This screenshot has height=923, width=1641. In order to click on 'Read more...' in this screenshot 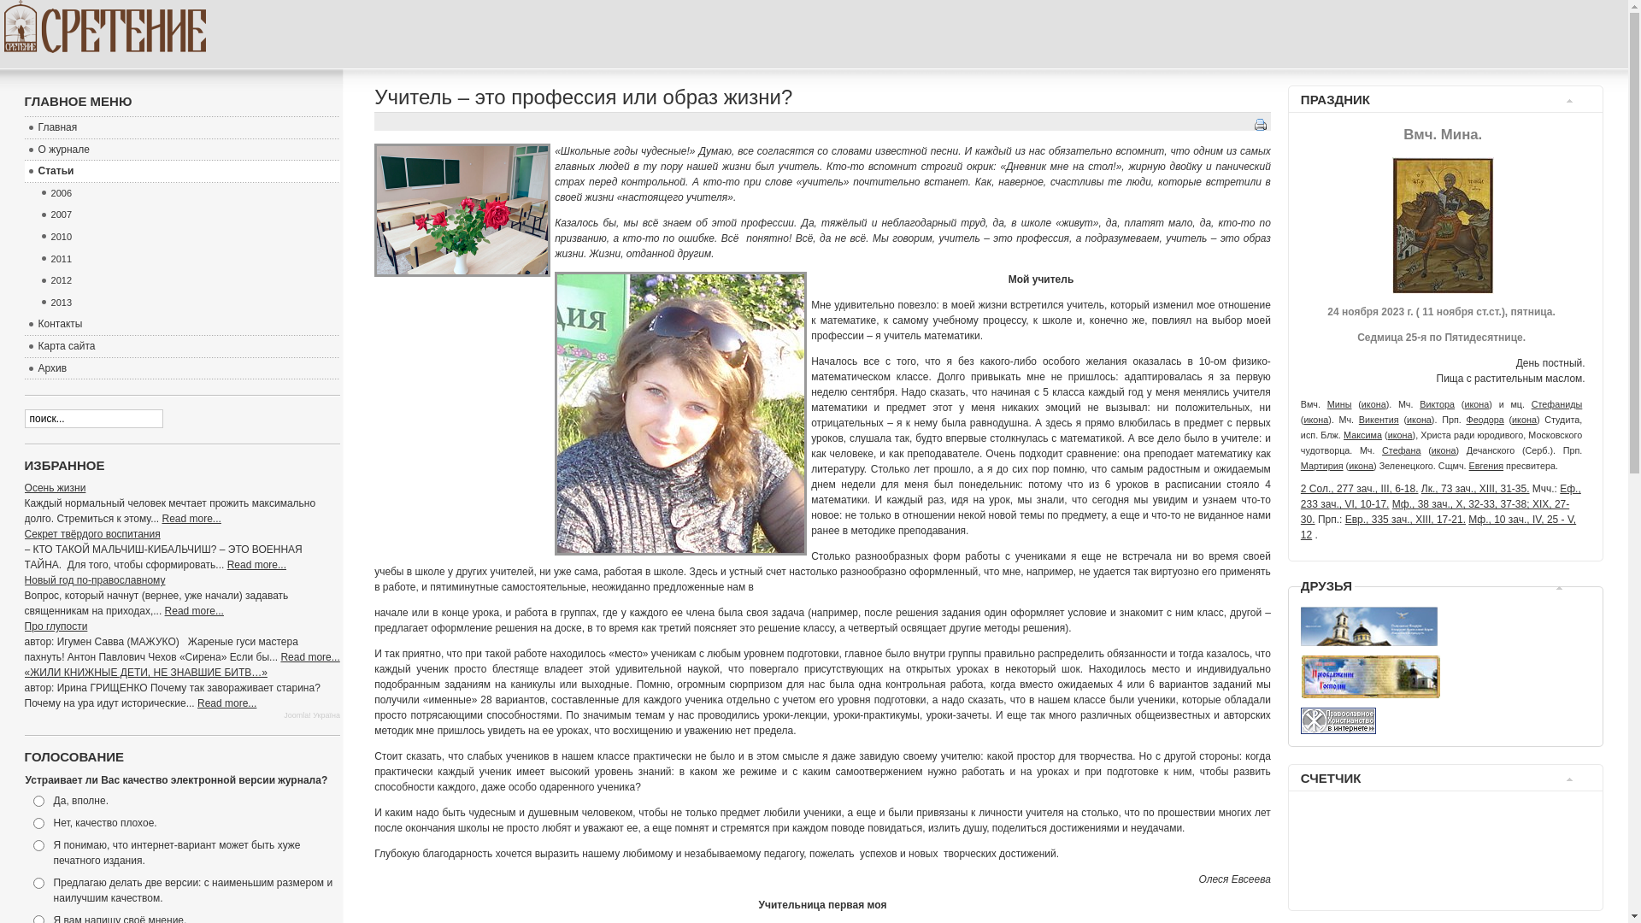, I will do `click(162, 517)`.